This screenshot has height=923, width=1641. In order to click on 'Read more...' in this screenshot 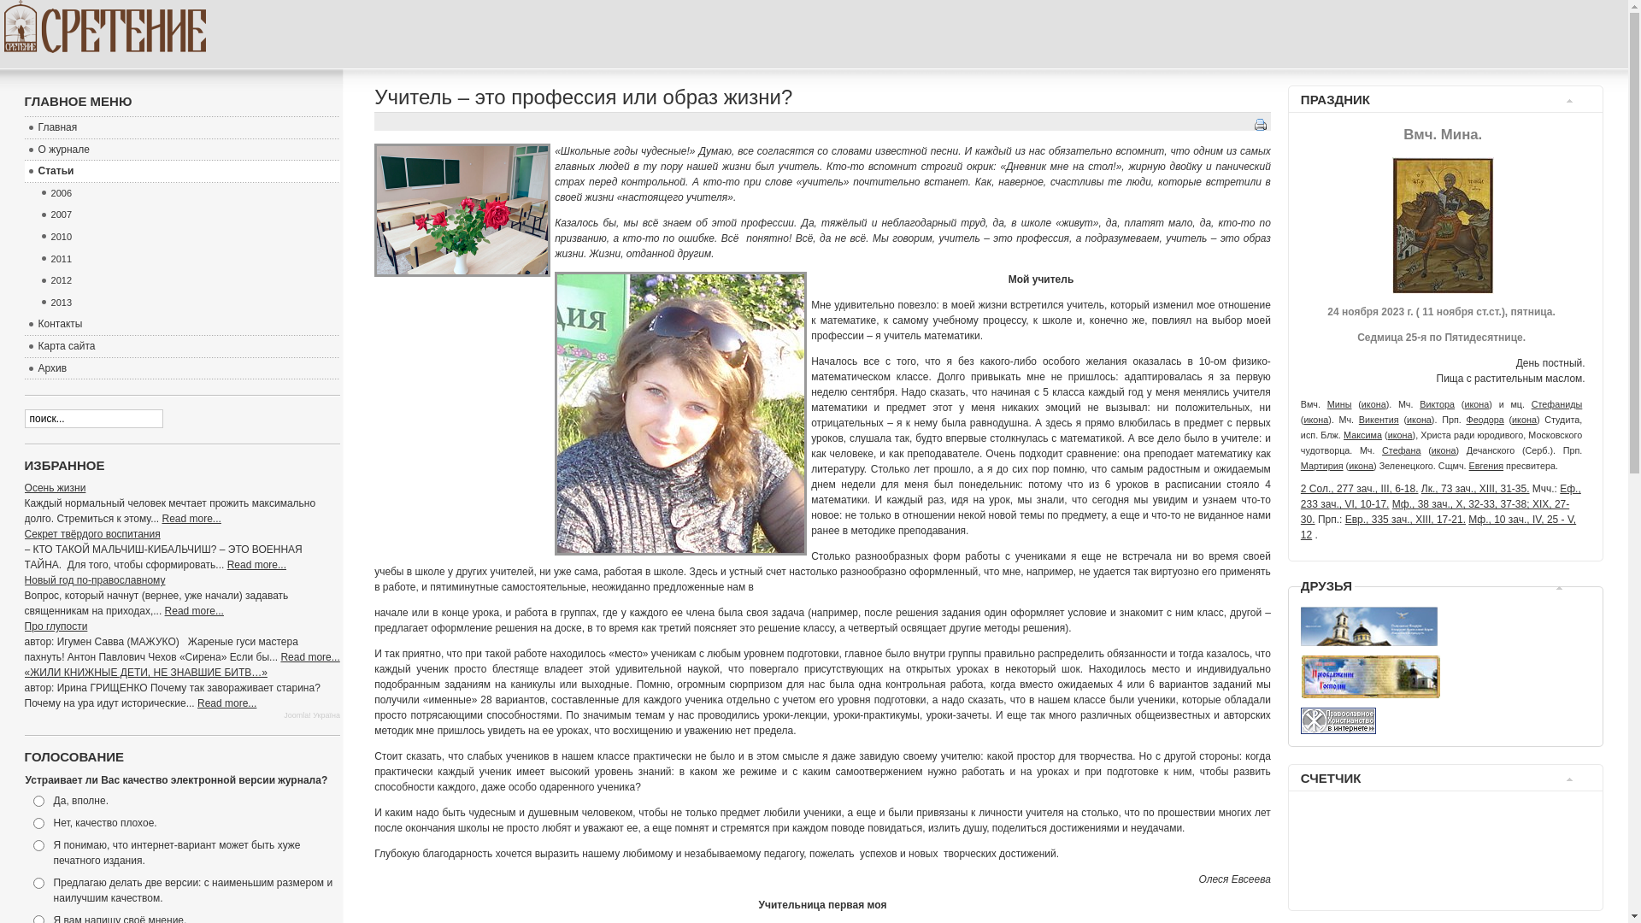, I will do `click(162, 517)`.